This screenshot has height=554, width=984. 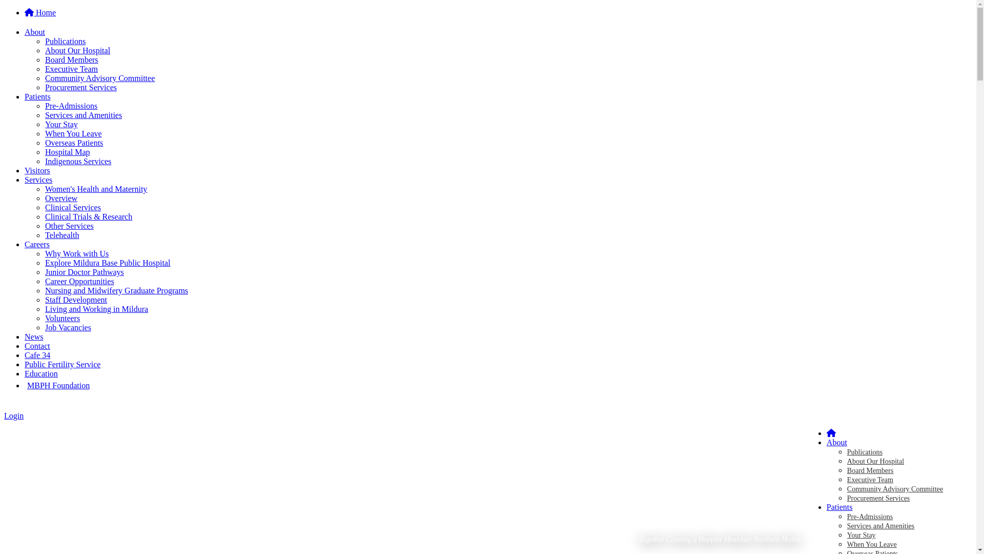 I want to click on 'When You Leave', so click(x=871, y=544).